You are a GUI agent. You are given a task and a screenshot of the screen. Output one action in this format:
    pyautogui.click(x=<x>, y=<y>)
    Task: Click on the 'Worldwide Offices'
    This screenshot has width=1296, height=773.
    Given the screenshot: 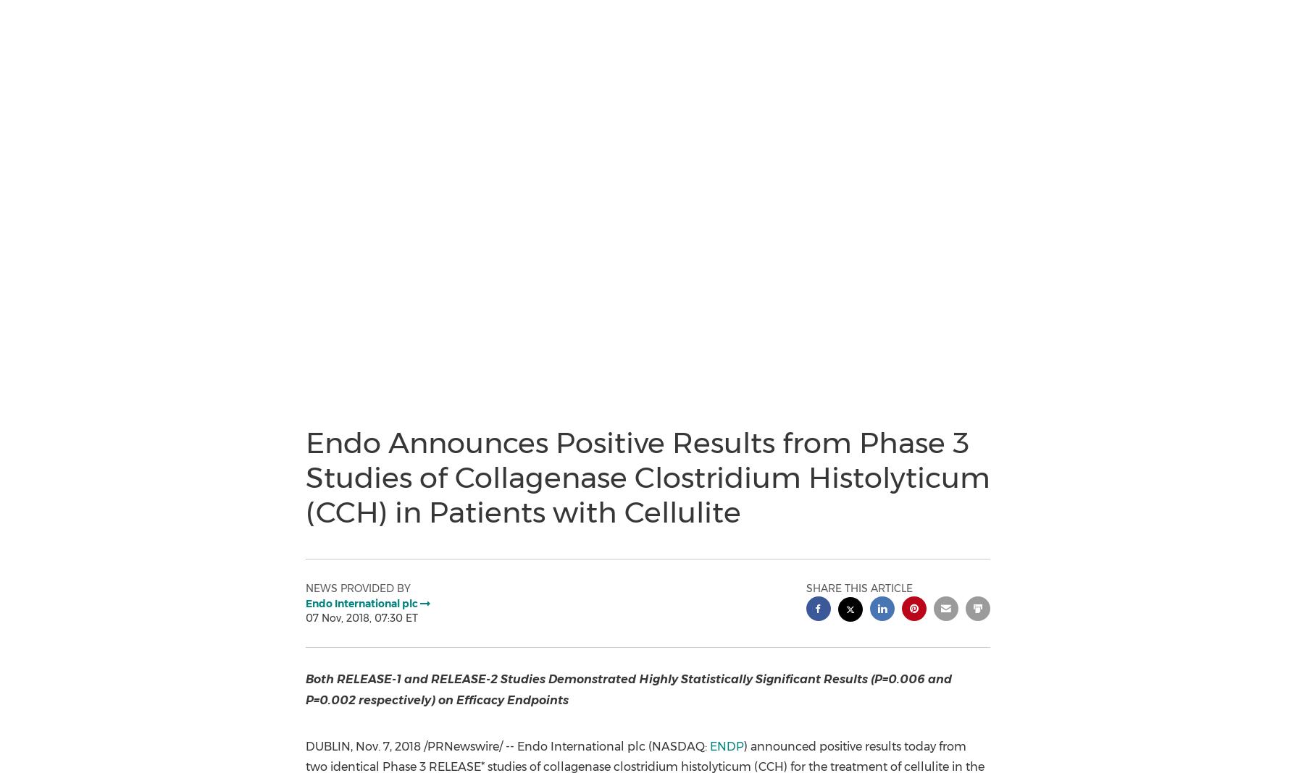 What is the action you would take?
    pyautogui.click(x=75, y=276)
    